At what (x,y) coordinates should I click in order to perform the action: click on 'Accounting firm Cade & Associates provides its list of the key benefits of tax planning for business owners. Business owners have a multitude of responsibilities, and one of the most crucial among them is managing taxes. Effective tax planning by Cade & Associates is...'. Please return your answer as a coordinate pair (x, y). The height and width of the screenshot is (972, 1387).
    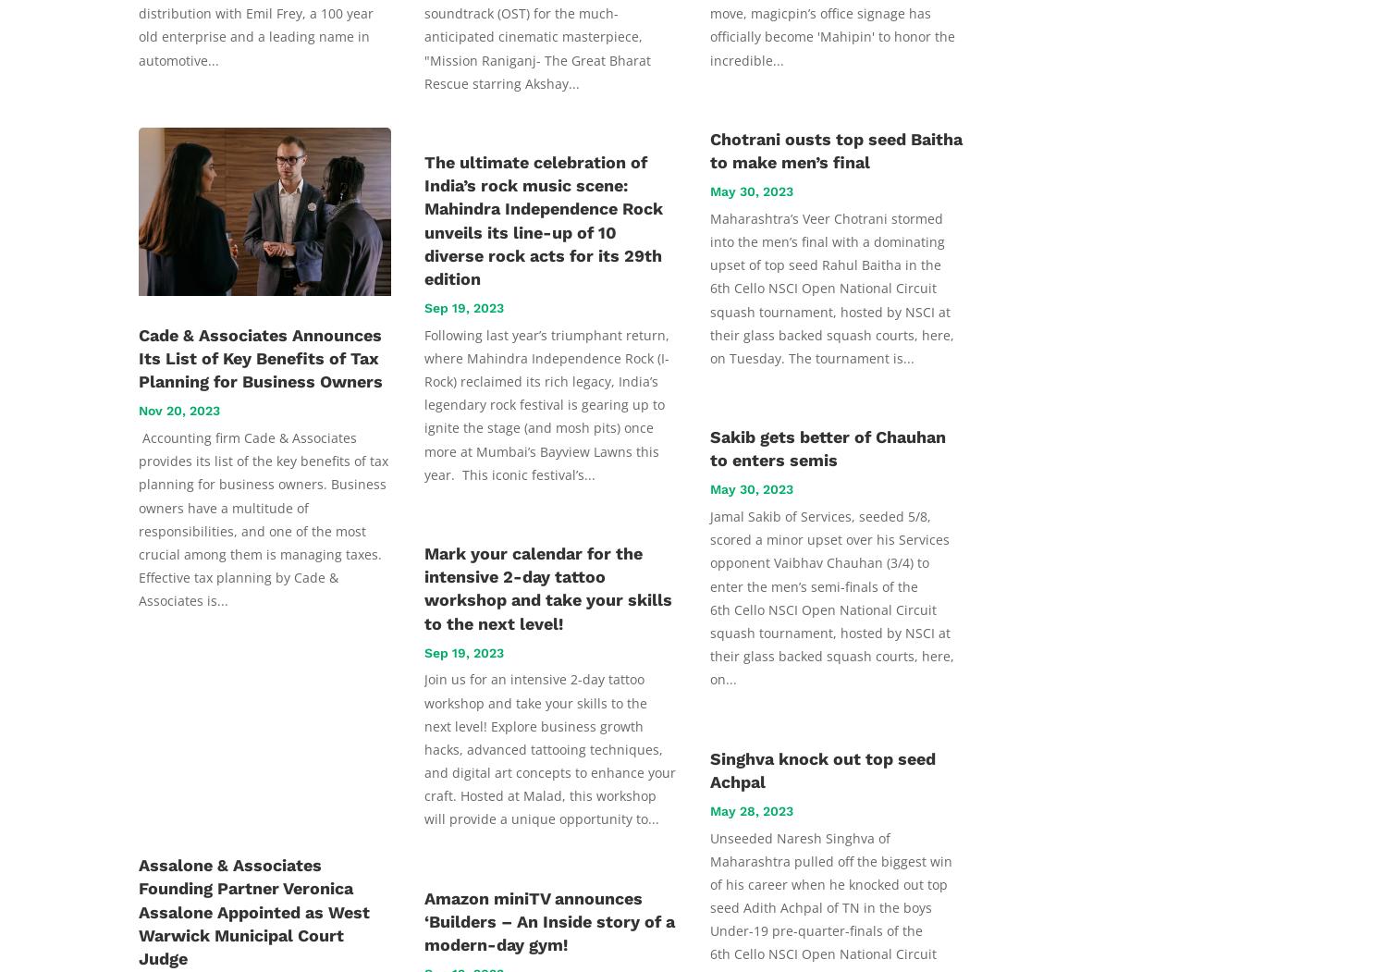
    Looking at the image, I should click on (264, 518).